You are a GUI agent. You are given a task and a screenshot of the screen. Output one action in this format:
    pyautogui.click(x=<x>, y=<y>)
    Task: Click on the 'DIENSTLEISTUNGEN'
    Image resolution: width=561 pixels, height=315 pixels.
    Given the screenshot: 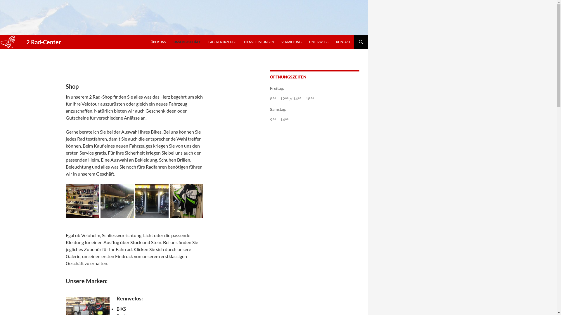 What is the action you would take?
    pyautogui.click(x=259, y=41)
    